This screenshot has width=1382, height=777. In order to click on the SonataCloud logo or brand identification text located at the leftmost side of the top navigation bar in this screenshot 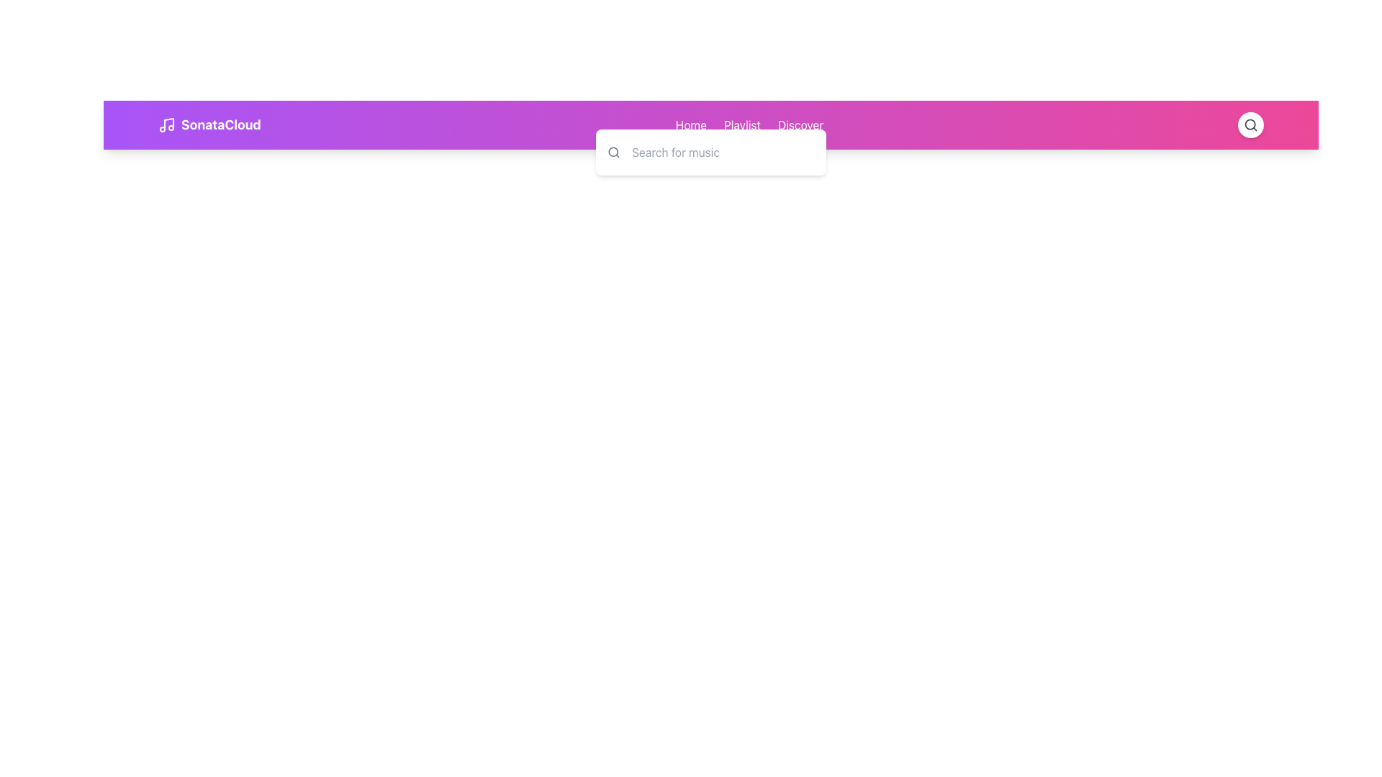, I will do `click(209, 124)`.